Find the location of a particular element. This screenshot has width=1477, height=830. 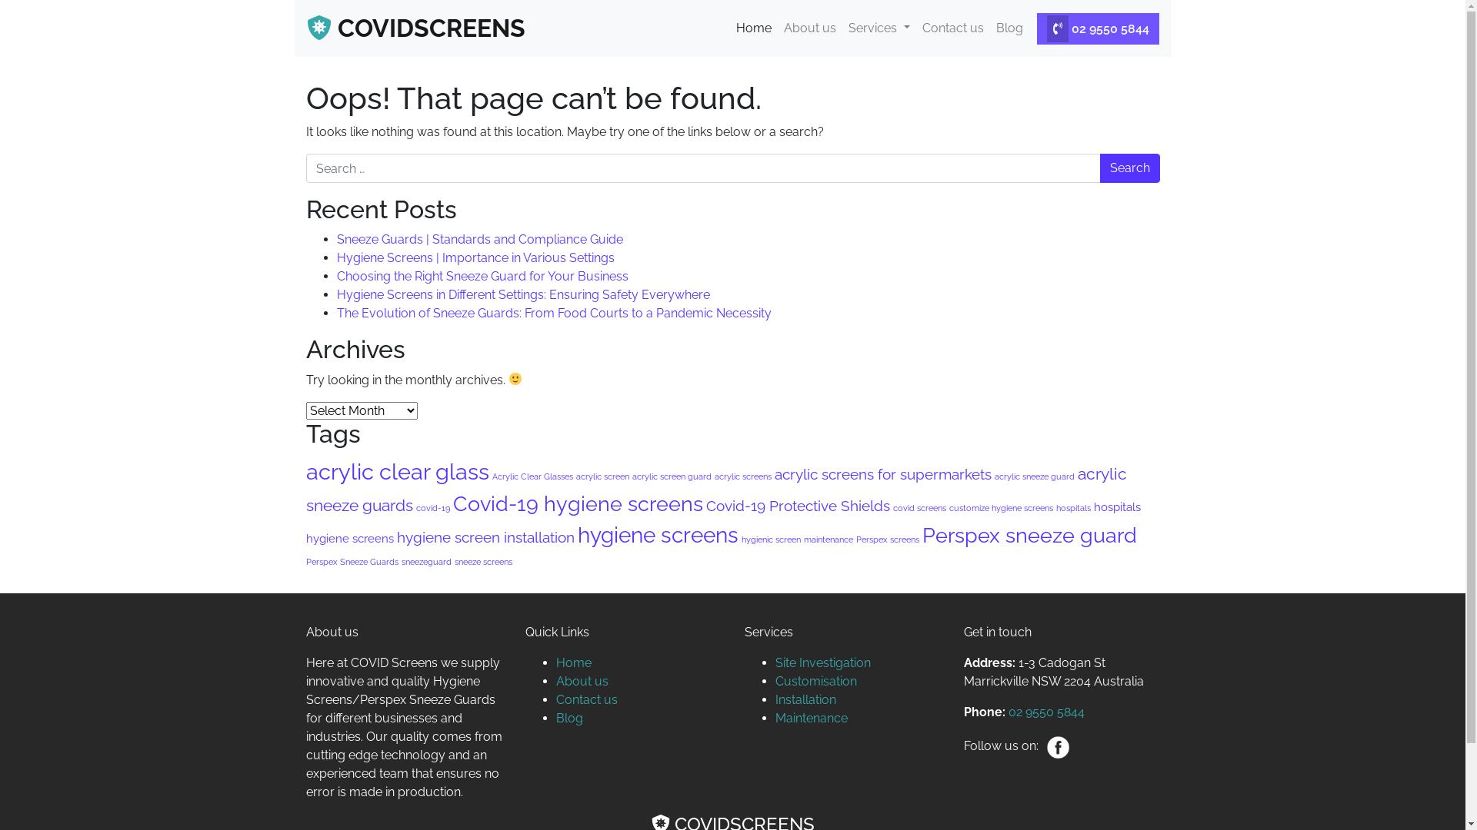

'hygiene screen installation' is located at coordinates (485, 536).